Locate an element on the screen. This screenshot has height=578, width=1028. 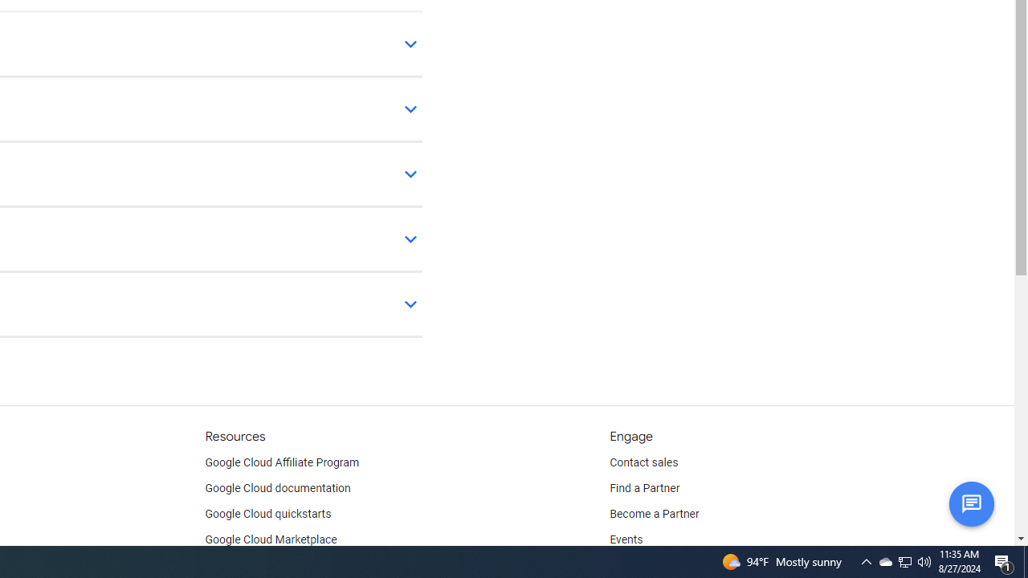
'Become a Partner' is located at coordinates (654, 514).